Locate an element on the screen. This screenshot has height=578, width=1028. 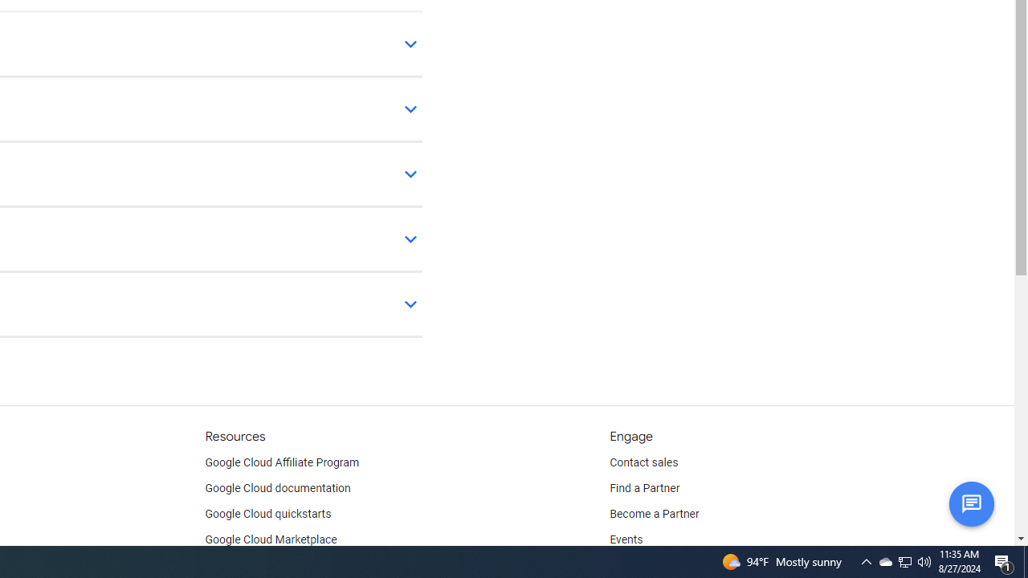
'Become a Partner' is located at coordinates (654, 514).